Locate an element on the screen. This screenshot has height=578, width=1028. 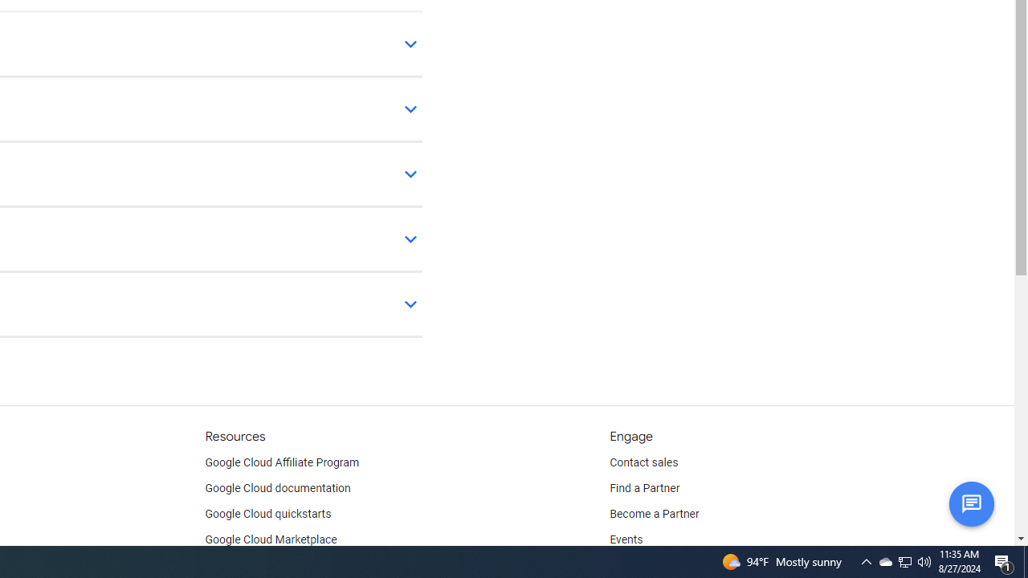
'Become a Partner' is located at coordinates (654, 514).